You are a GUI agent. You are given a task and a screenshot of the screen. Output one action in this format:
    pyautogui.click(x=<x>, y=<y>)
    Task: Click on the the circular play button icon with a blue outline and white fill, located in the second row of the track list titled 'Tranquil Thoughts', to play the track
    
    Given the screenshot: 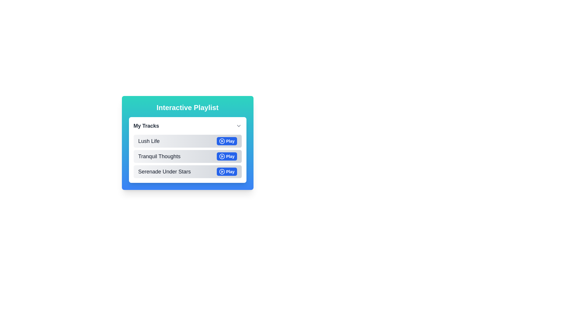 What is the action you would take?
    pyautogui.click(x=221, y=156)
    